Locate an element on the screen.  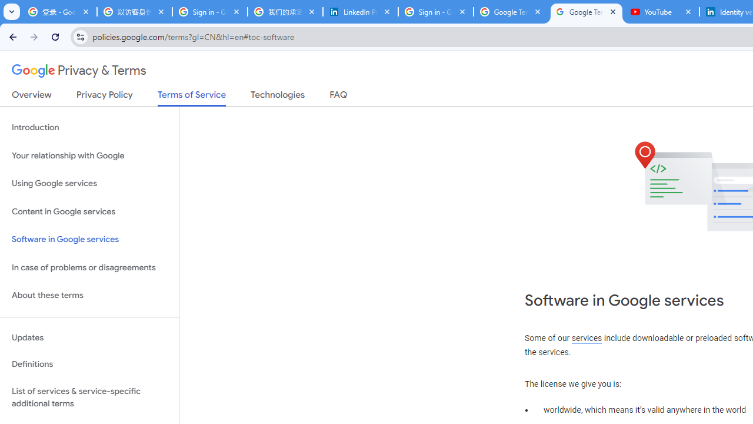
'Using Google services' is located at coordinates (89, 184).